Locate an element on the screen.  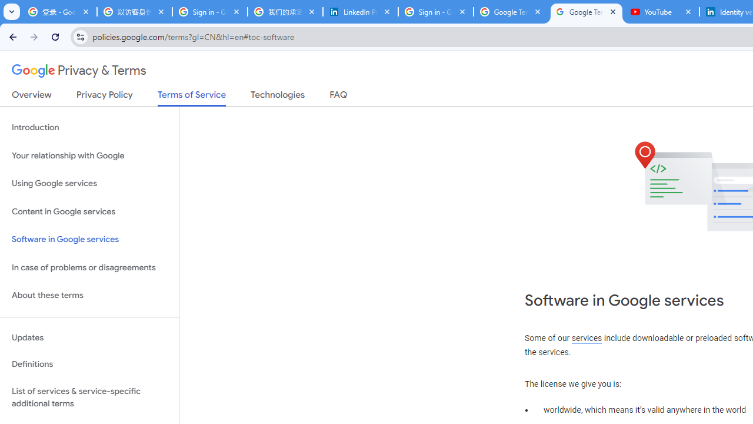
'Using Google services' is located at coordinates (89, 184).